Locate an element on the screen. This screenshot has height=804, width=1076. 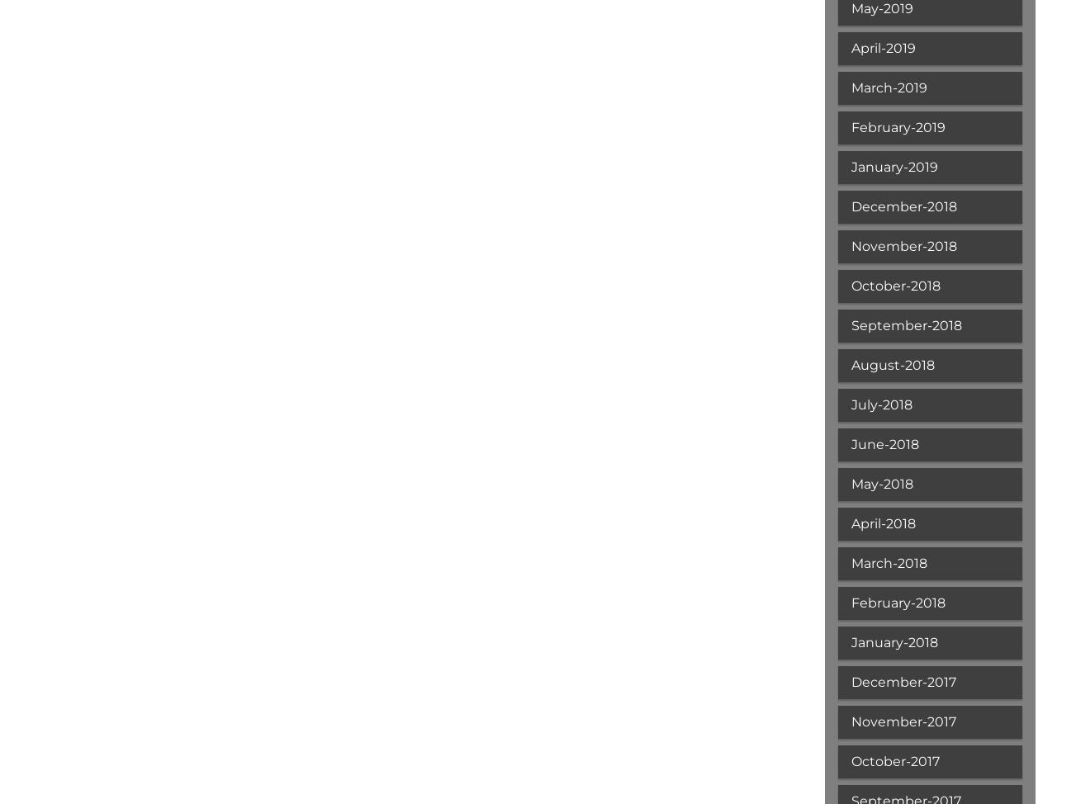
'July-2018' is located at coordinates (880, 404).